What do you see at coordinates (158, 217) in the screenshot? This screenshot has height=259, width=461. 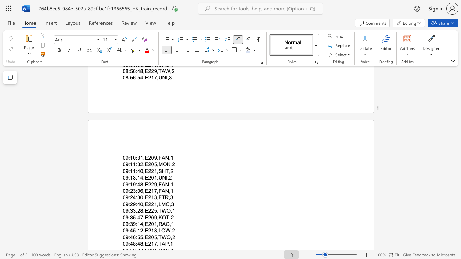 I see `the space between the continuous character "," and "K" in the text` at bounding box center [158, 217].